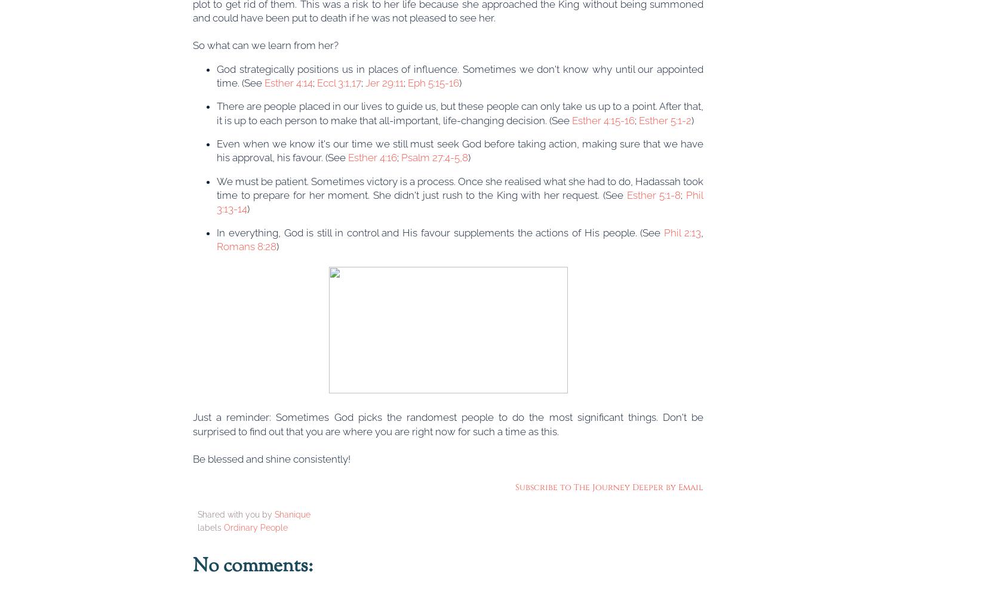  What do you see at coordinates (235, 514) in the screenshot?
I see `'Shared with you by'` at bounding box center [235, 514].